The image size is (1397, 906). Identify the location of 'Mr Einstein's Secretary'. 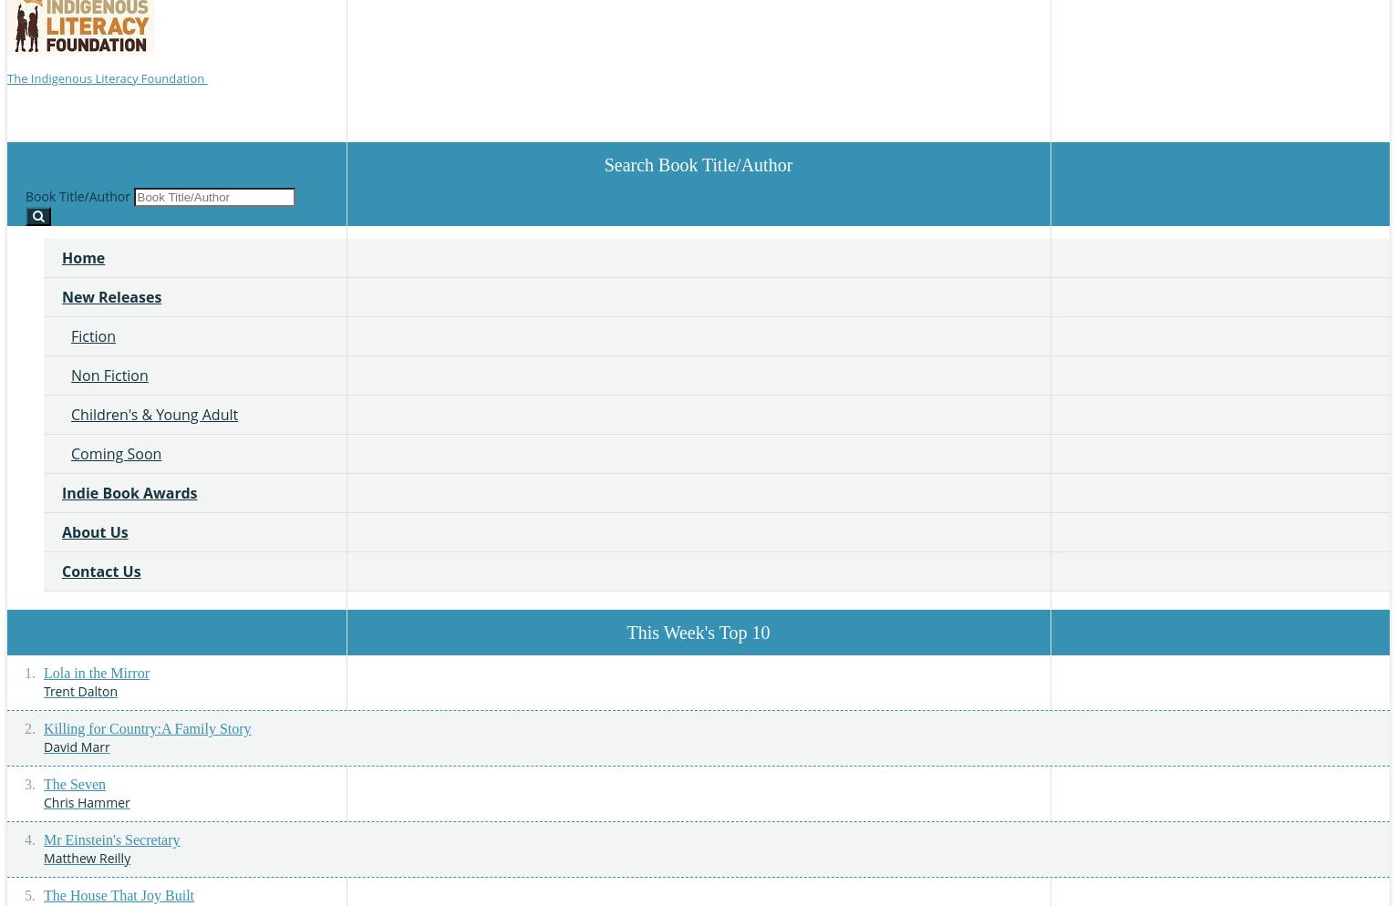
(110, 838).